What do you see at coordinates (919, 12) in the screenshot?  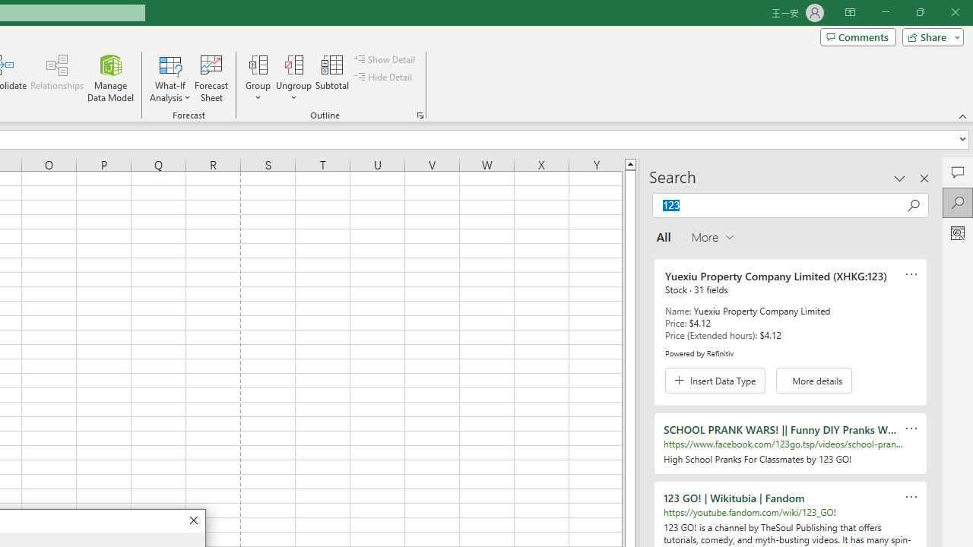 I see `'Restore Down'` at bounding box center [919, 12].